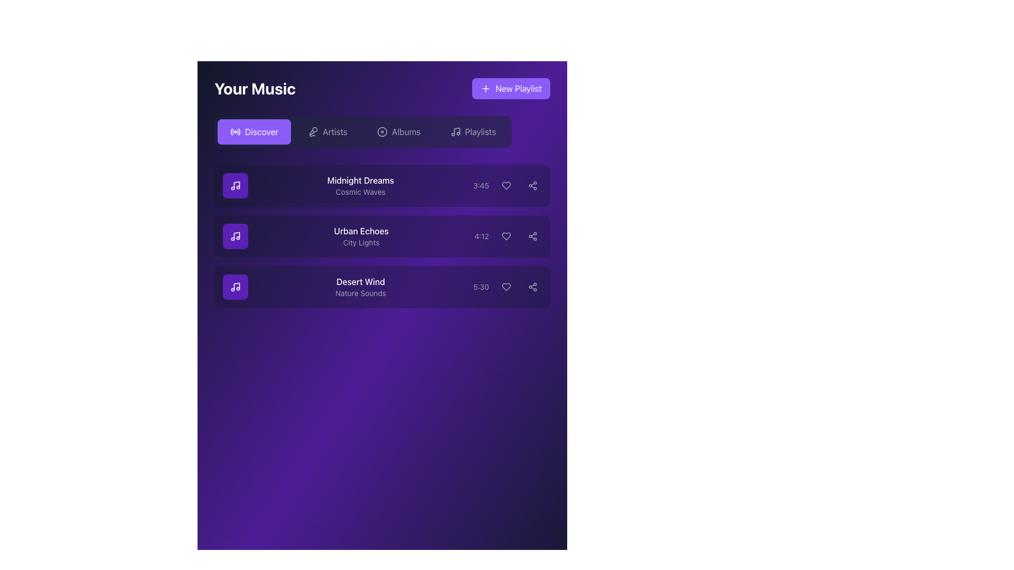  I want to click on the text display area titled 'Midnight Dreams' with the subtitle 'Cosmic Waves', which is located at the top of a list and has a violet background, so click(360, 185).